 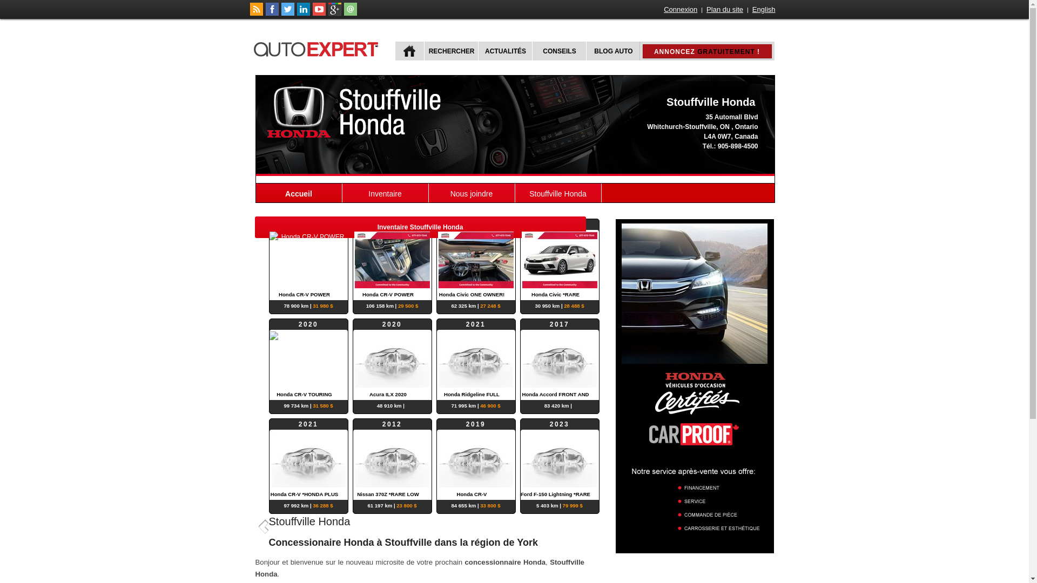 I want to click on 'Plan du site', so click(x=725, y=9).